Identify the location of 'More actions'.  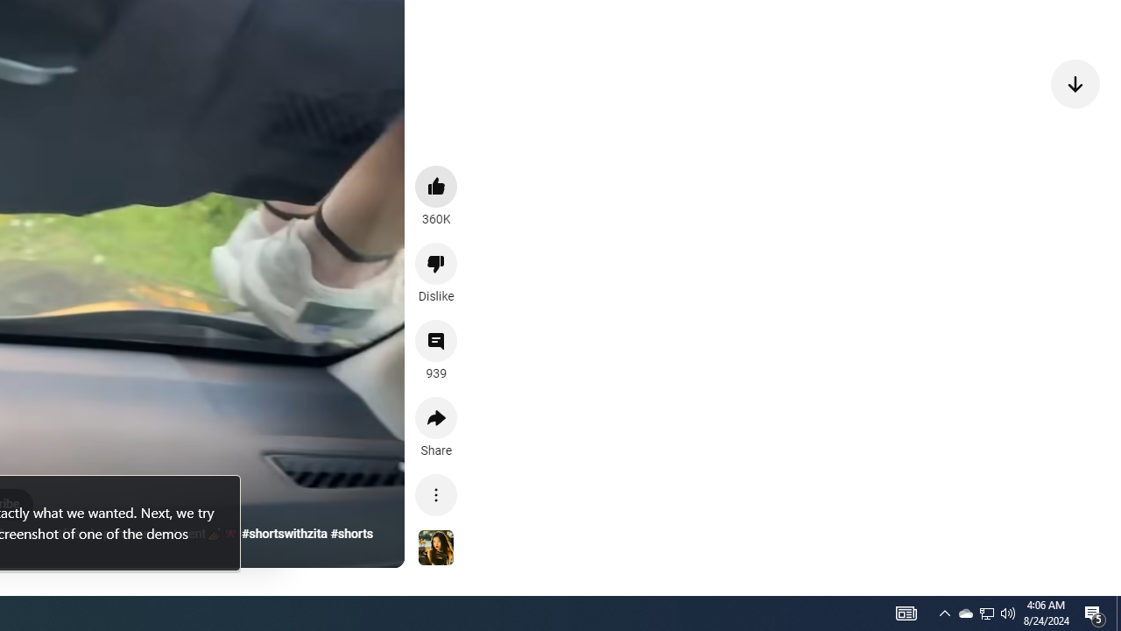
(436, 494).